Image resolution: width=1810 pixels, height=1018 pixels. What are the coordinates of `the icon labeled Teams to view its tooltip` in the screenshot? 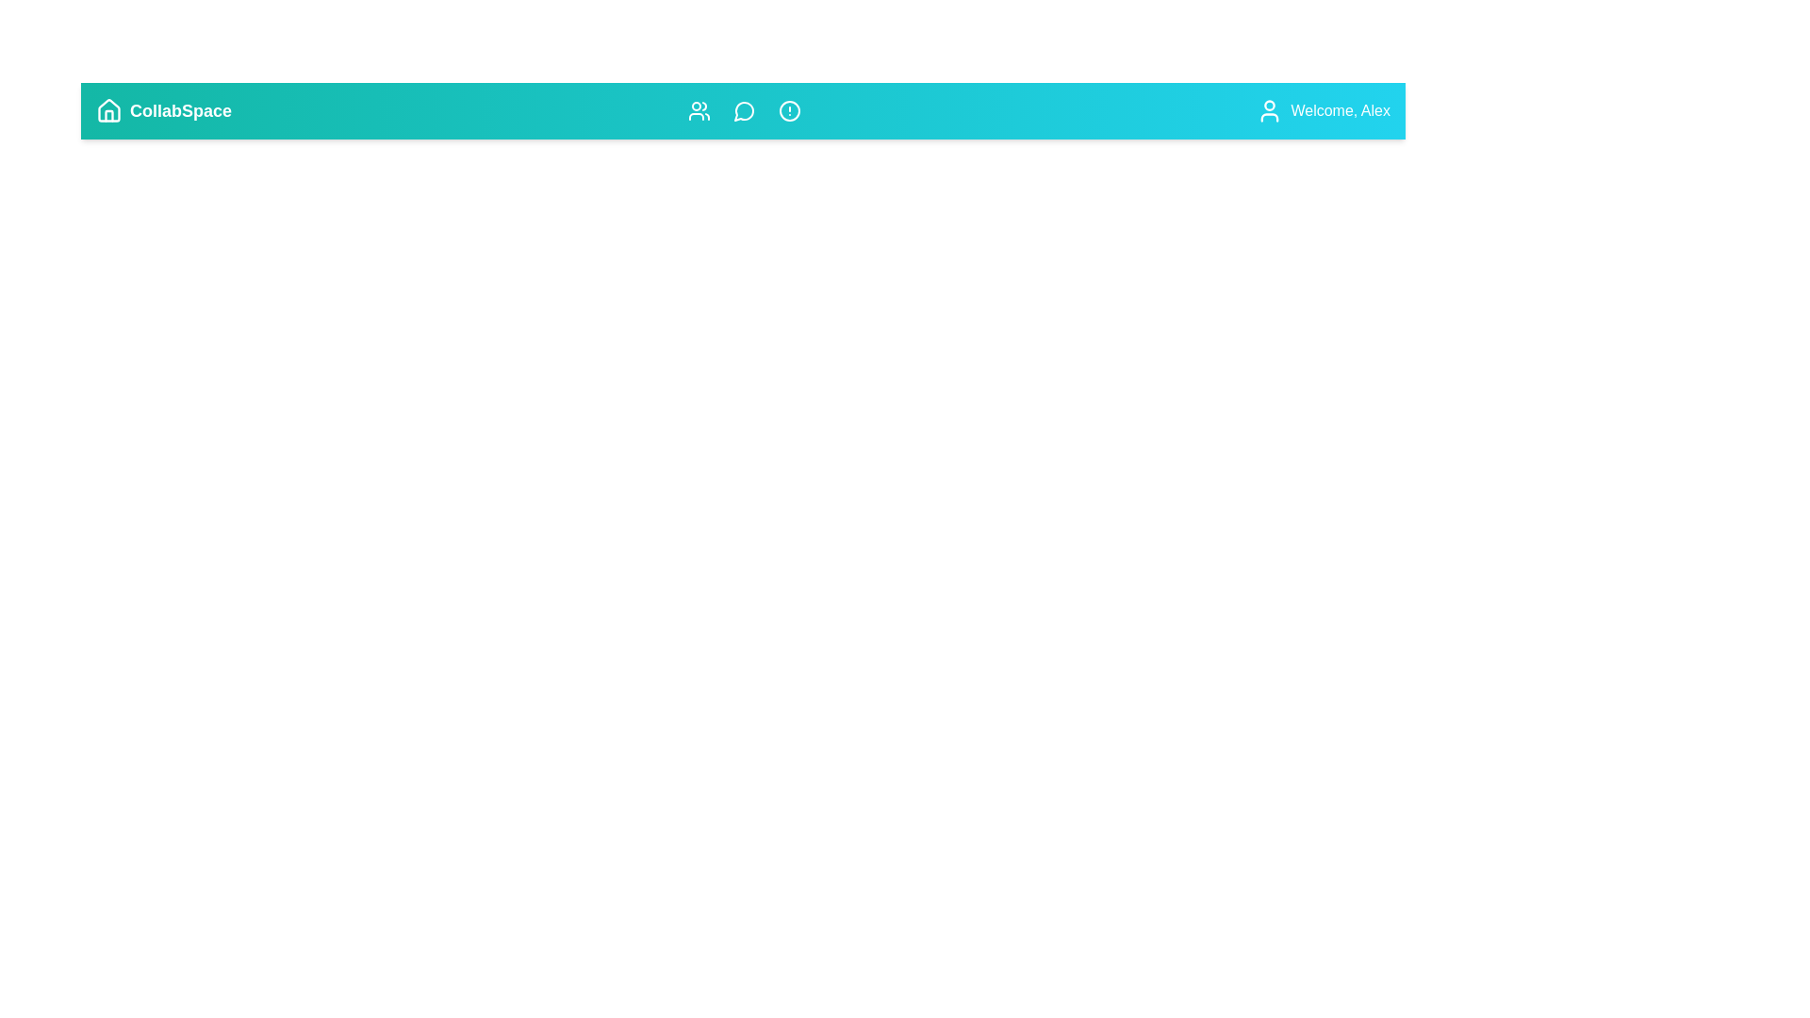 It's located at (698, 111).